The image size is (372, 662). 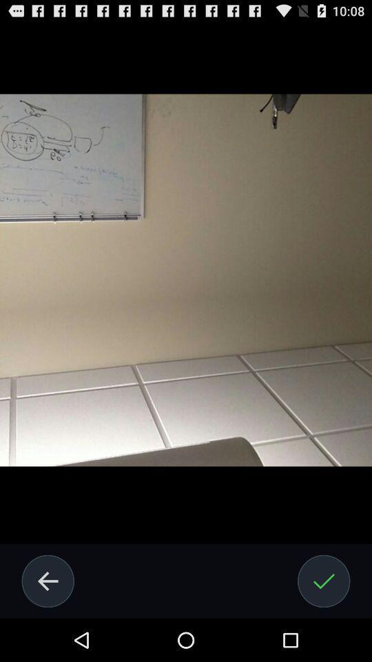 What do you see at coordinates (47, 622) in the screenshot?
I see `the arrow_backward icon` at bounding box center [47, 622].